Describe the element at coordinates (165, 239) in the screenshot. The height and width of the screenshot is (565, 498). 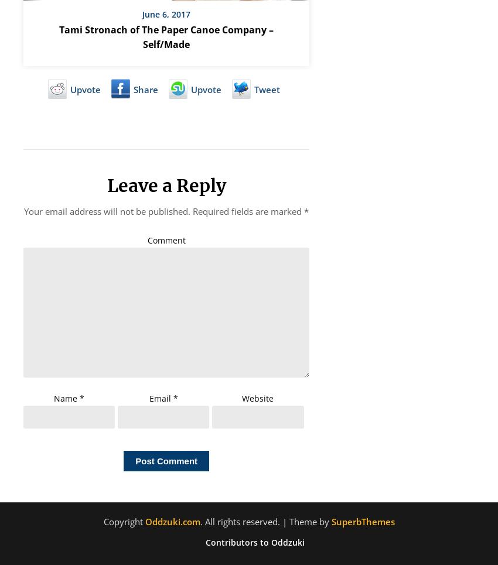
I see `'Comment'` at that location.